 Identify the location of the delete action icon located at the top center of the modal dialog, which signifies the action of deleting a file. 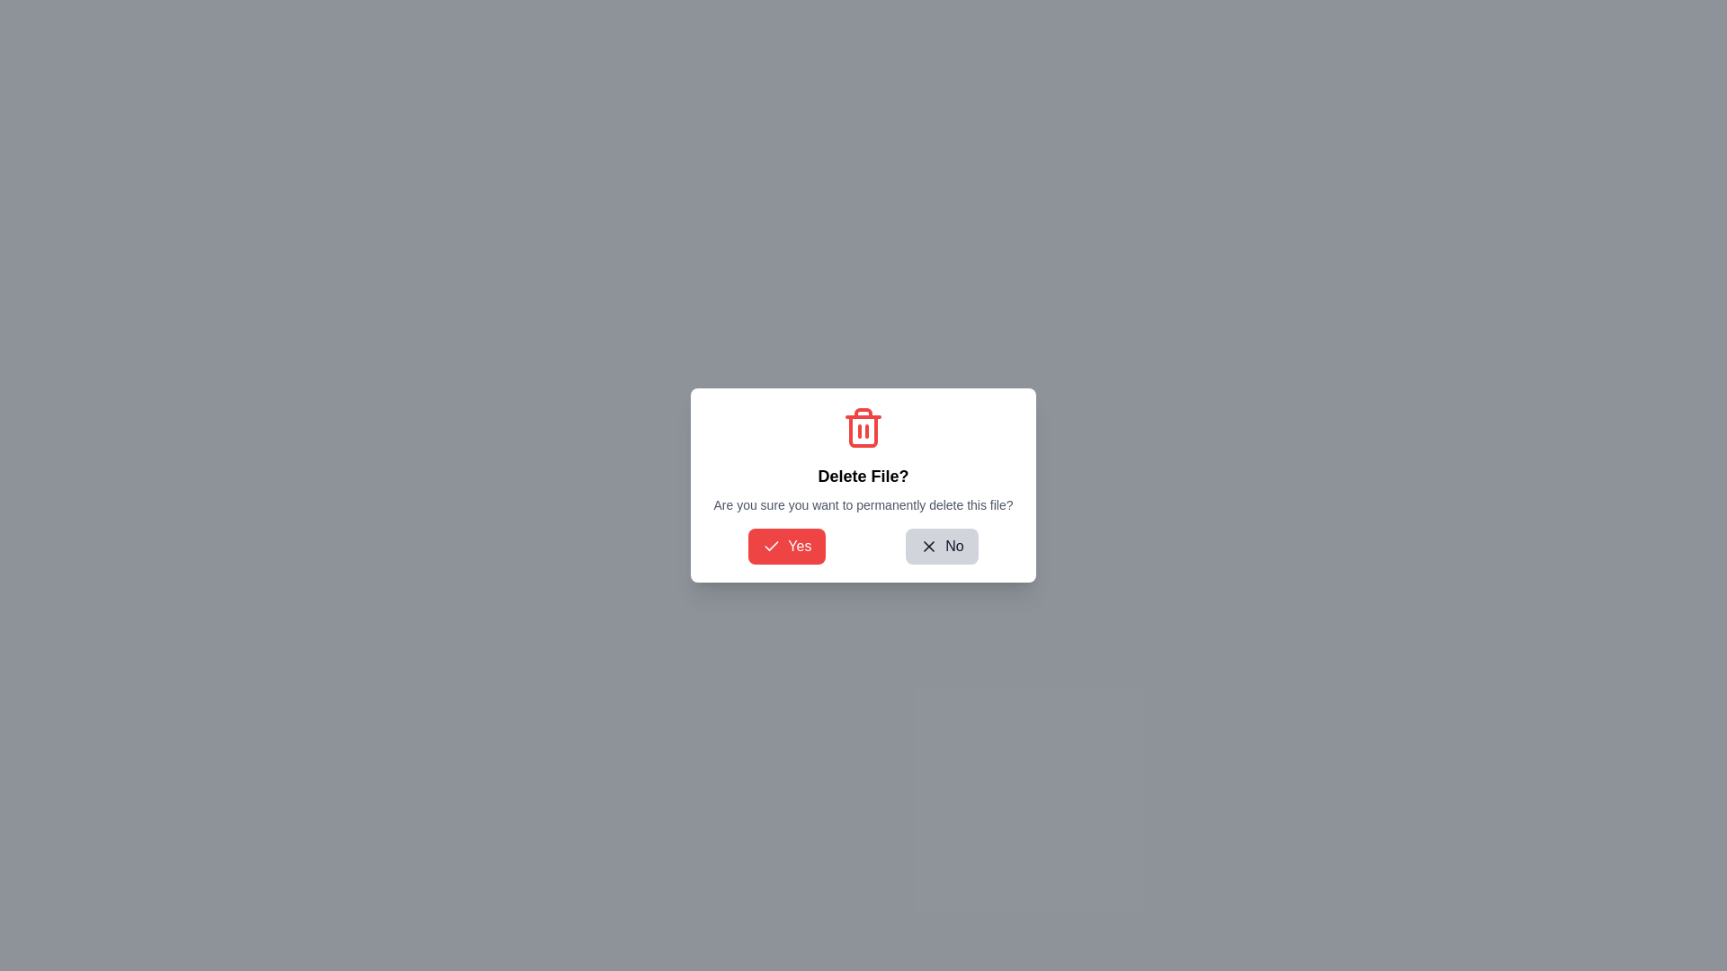
(863, 427).